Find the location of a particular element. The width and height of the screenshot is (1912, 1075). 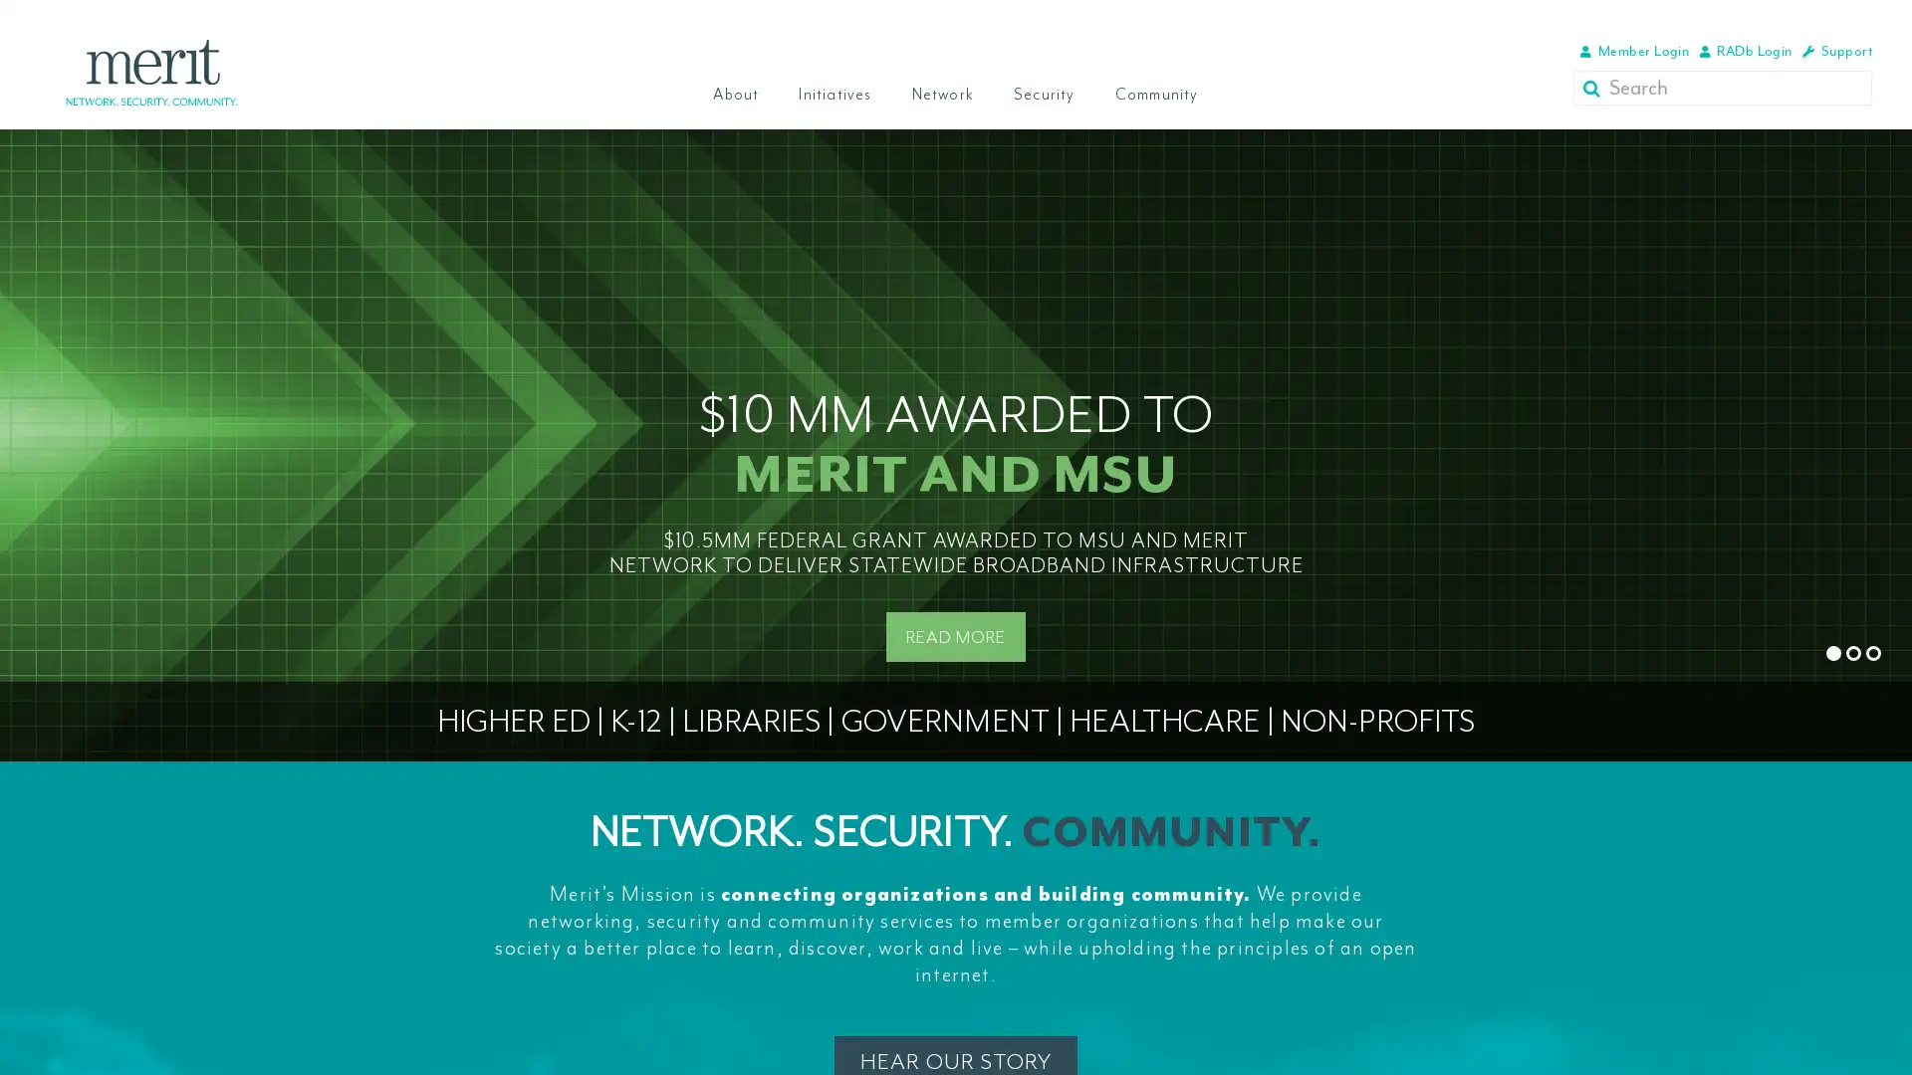

SUBMIT is located at coordinates (1594, 87).